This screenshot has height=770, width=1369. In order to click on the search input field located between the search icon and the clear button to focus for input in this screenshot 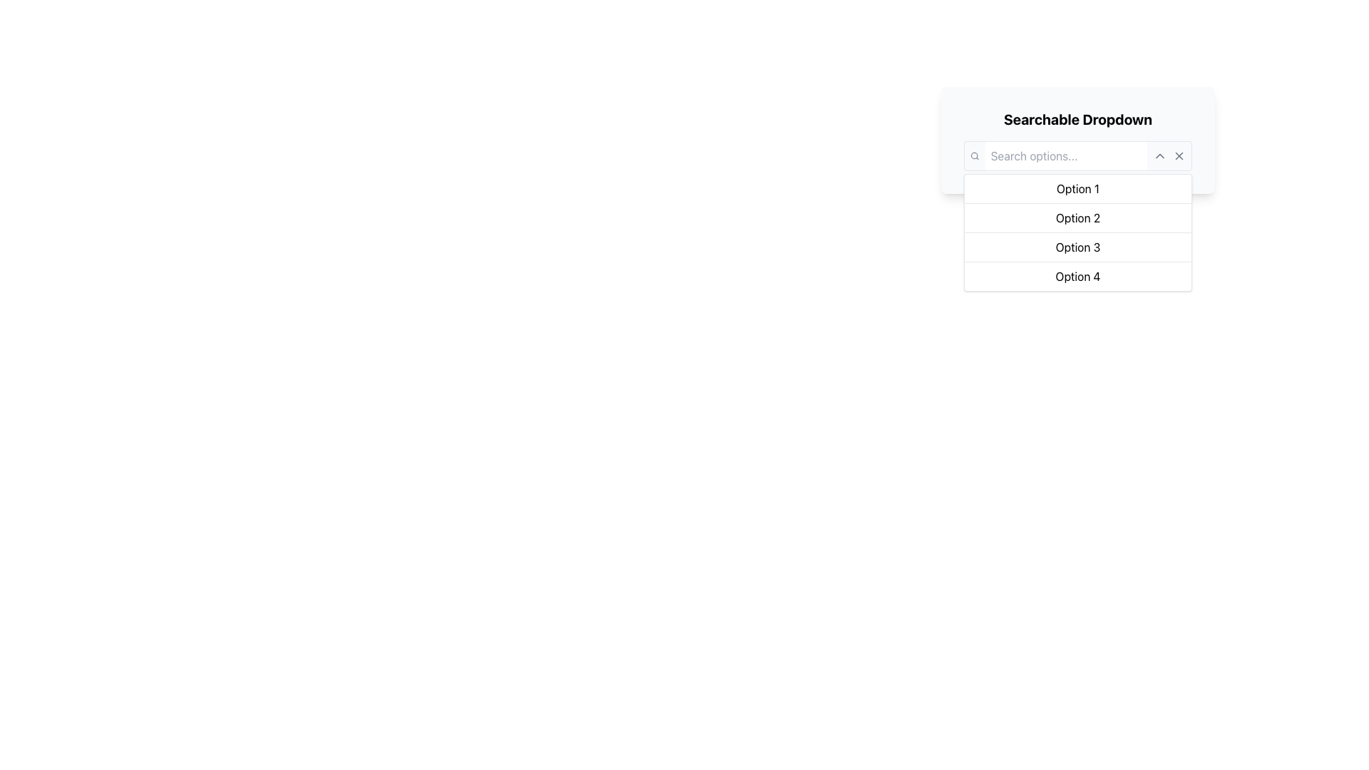, I will do `click(1066, 156)`.